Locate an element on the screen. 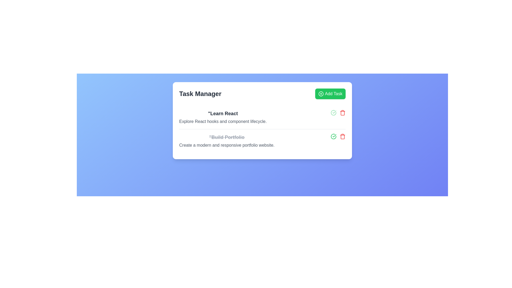 The image size is (512, 288). the red trash can icon button, which symbolizes deletion functionality is located at coordinates (343, 113).